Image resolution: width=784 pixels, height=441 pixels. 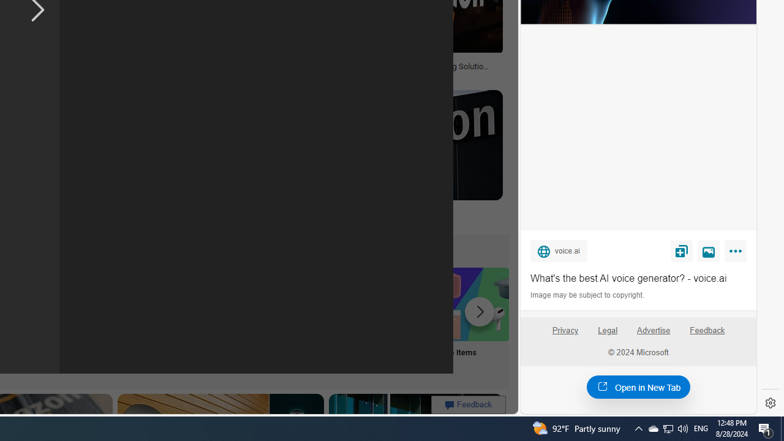 I want to click on 'voice.ai', so click(x=558, y=250).